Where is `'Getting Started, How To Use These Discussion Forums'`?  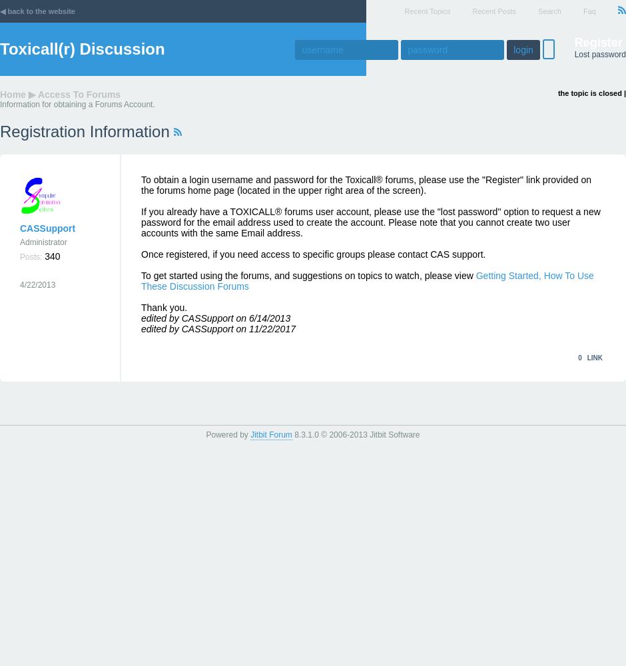 'Getting Started, How To Use These Discussion Forums' is located at coordinates (140, 281).